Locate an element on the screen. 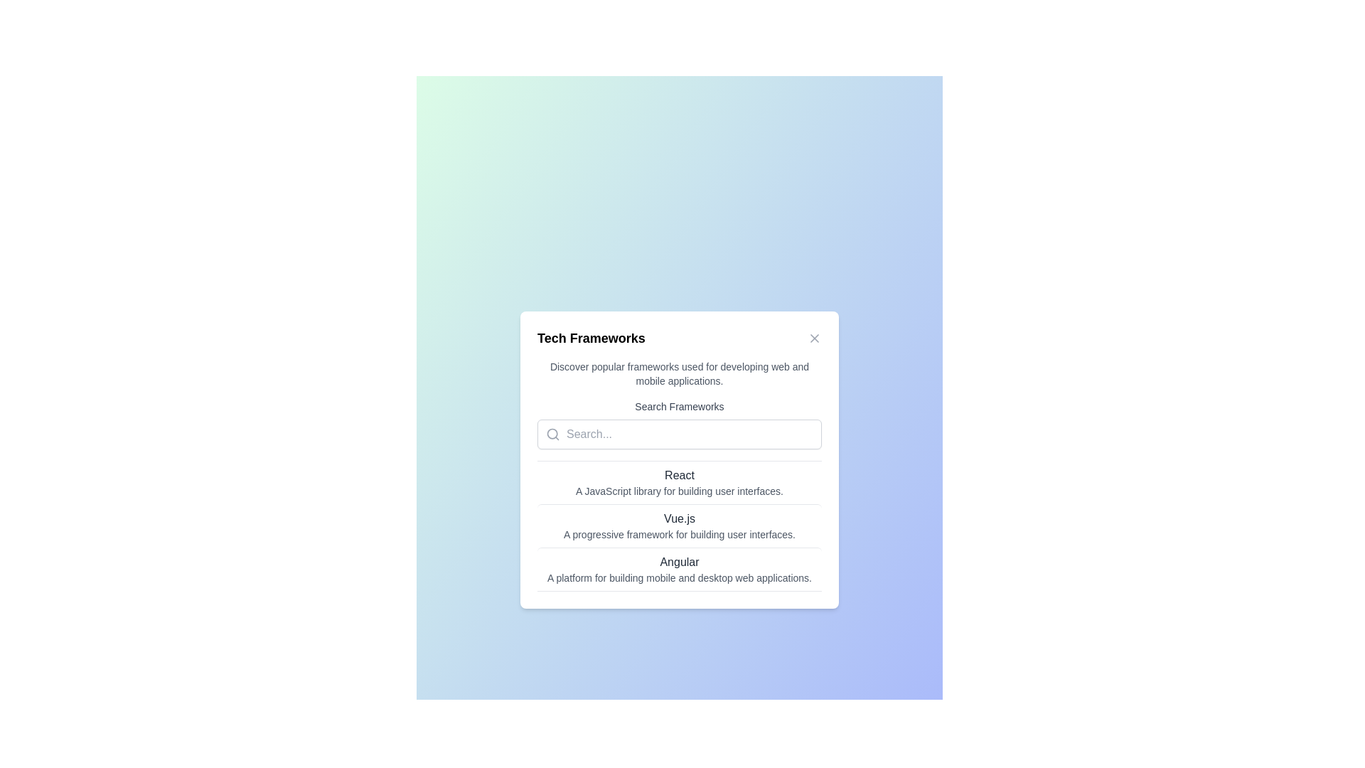 This screenshot has width=1365, height=768. the informational card providing a description of the Angular framework, which is the third item in the 'Tech Frameworks' list is located at coordinates (678, 568).